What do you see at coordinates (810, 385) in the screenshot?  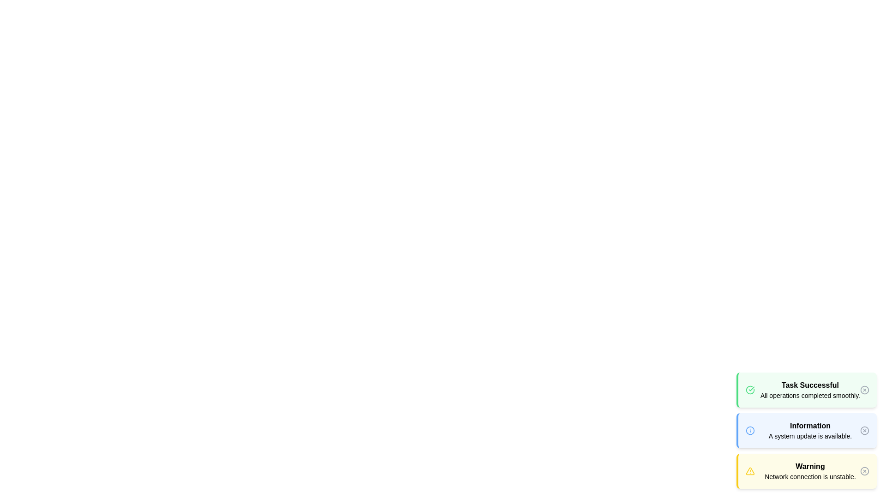 I see `the alert title of the selected alert type: Task Successful` at bounding box center [810, 385].